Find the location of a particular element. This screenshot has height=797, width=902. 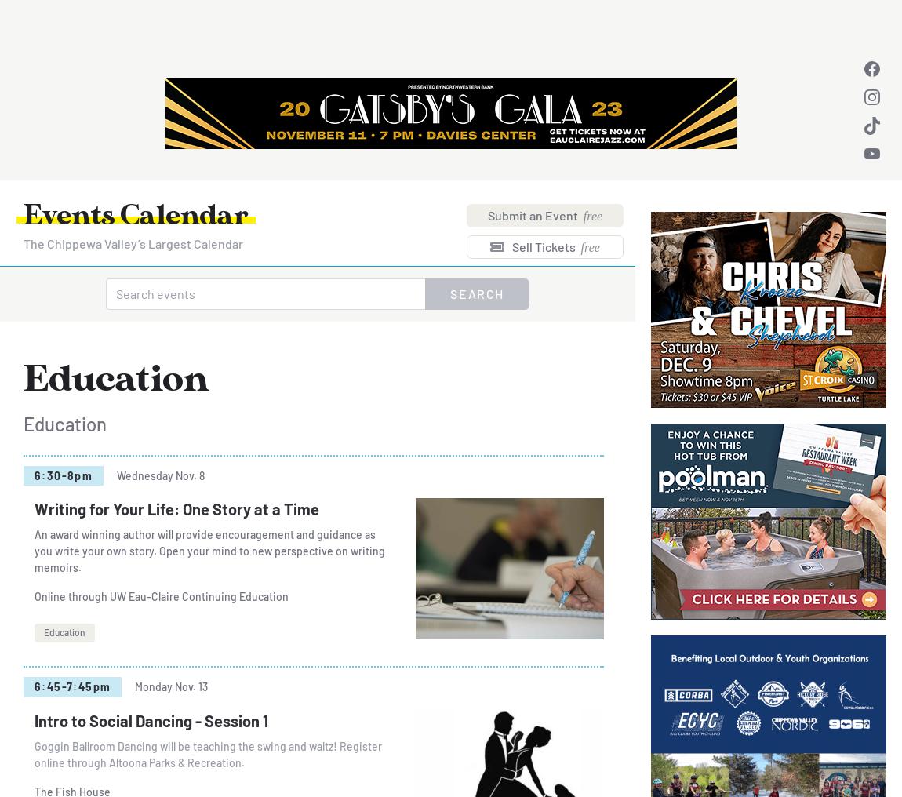

'Search' is located at coordinates (476, 293).